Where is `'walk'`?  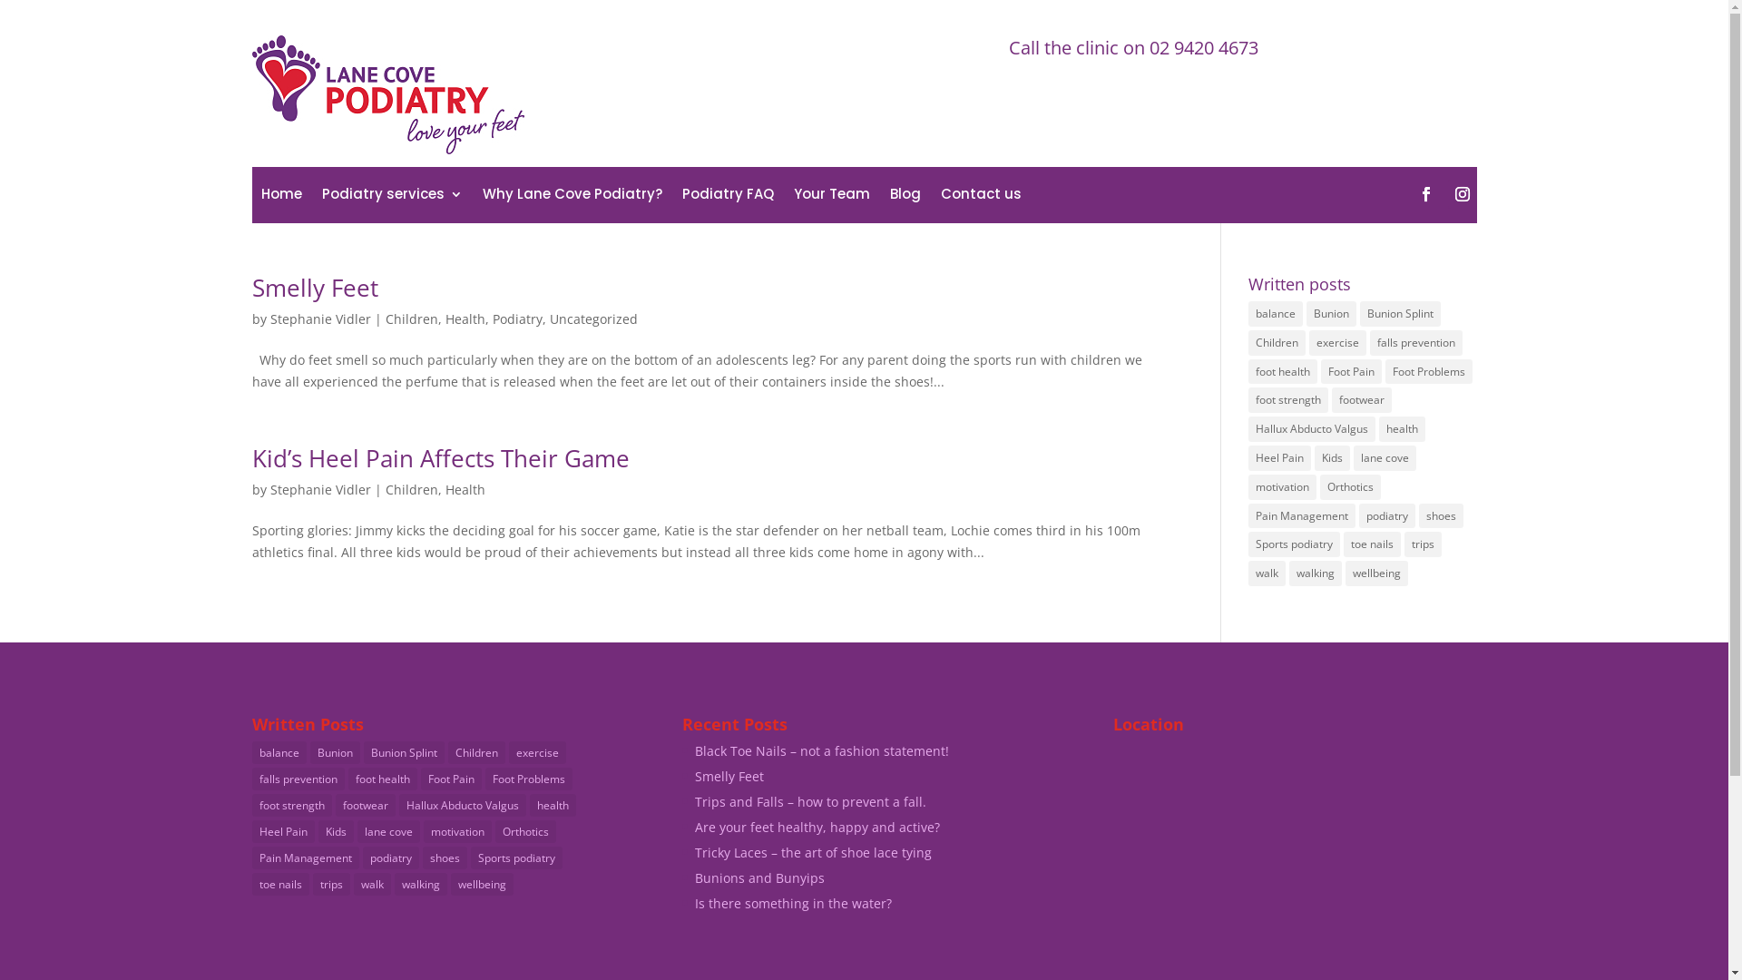
'walk' is located at coordinates (371, 883).